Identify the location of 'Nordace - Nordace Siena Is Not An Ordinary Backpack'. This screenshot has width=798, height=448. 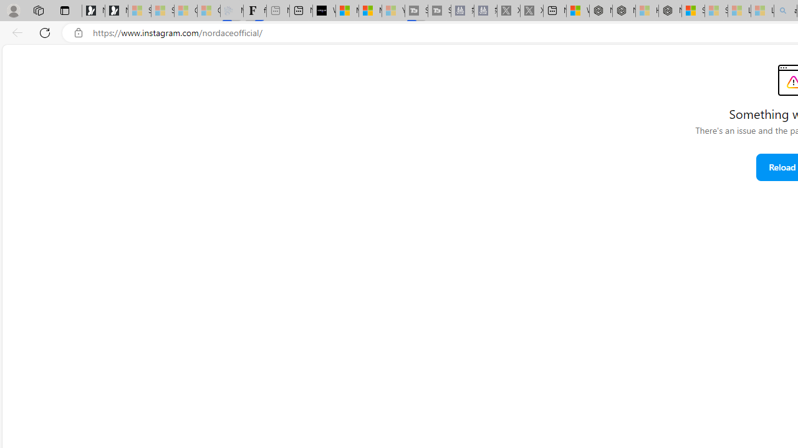
(670, 11).